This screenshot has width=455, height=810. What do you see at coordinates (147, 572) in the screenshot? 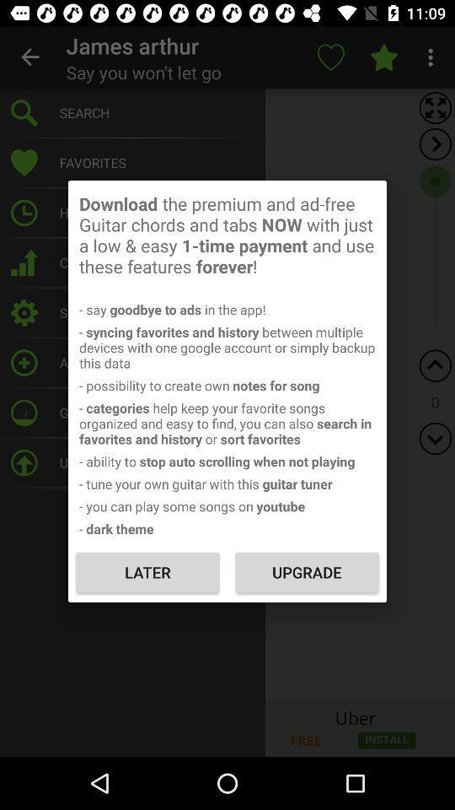
I see `icon below the - dark theme icon` at bounding box center [147, 572].